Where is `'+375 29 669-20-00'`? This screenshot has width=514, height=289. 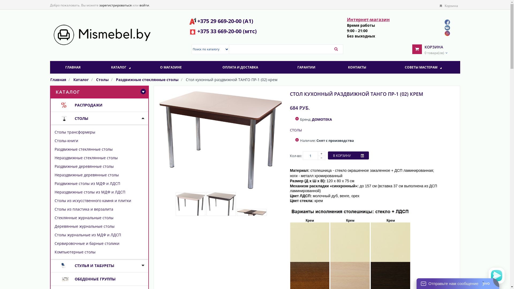
'+375 29 669-20-00' is located at coordinates (197, 21).